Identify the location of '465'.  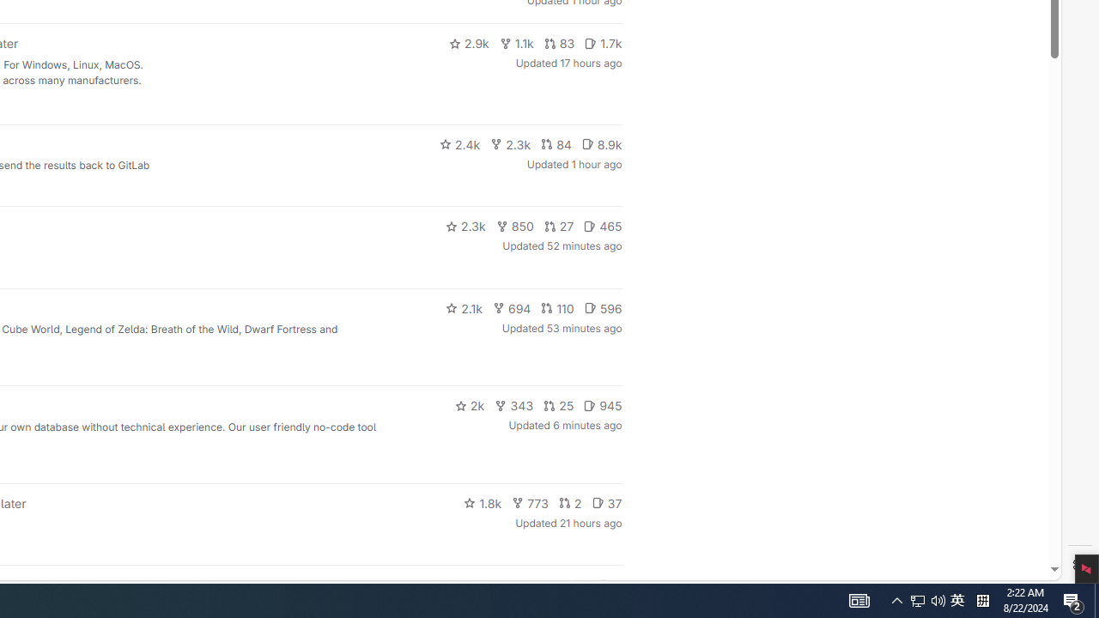
(603, 225).